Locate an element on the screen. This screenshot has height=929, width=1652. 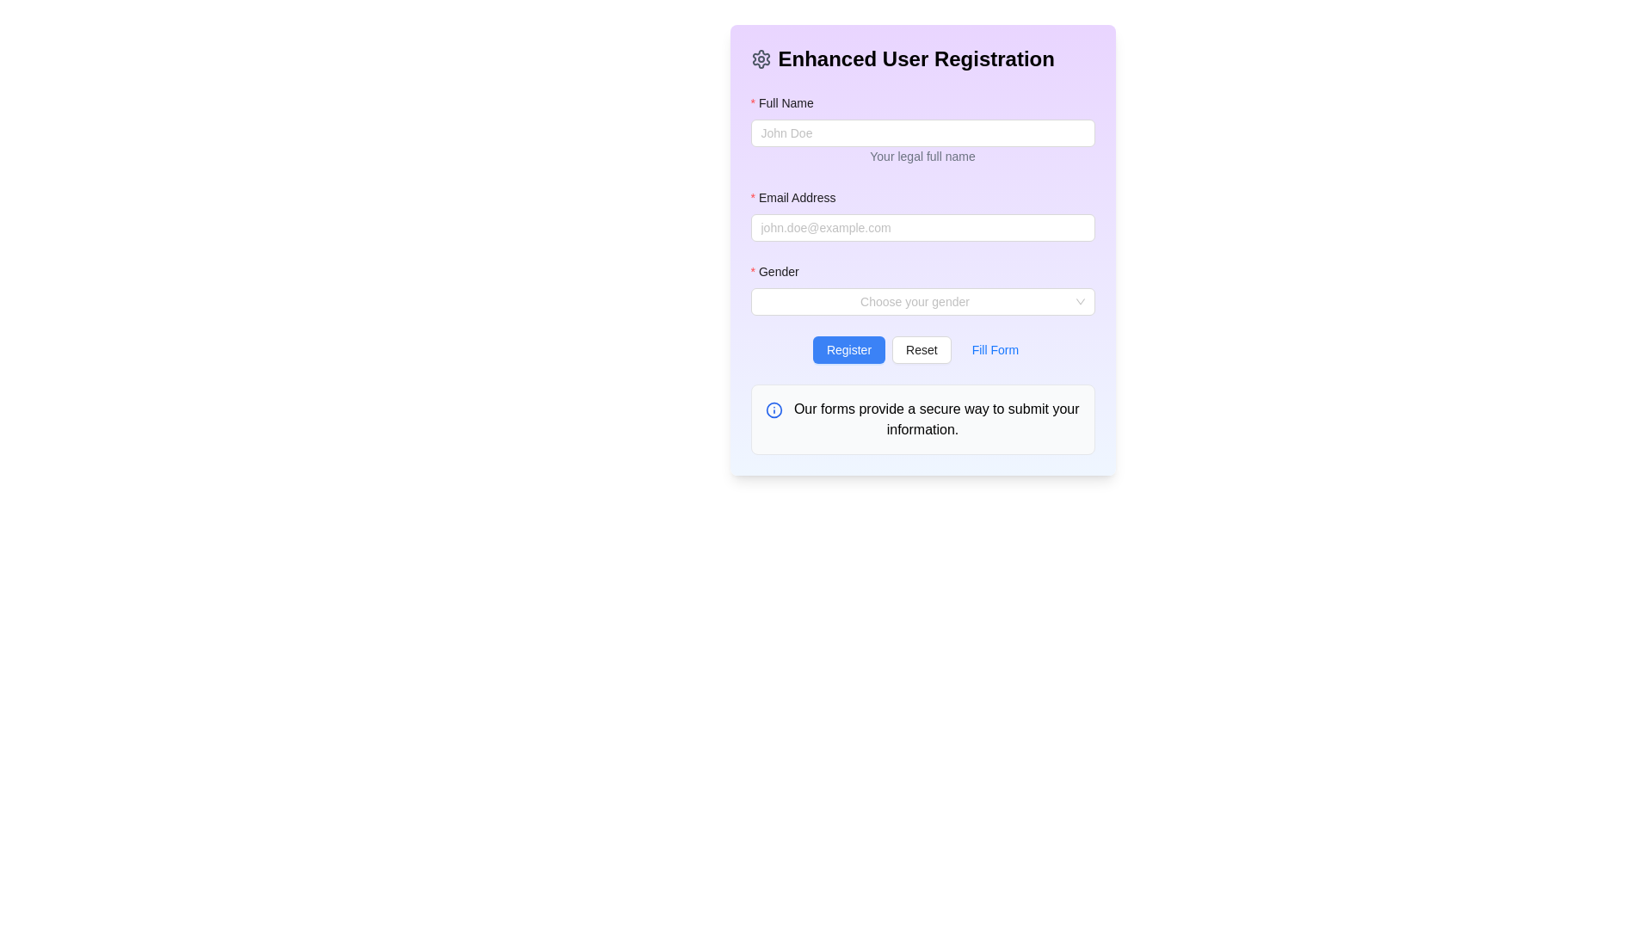
the reset button located between the 'Register' button and the 'Fill Form' button to reset the fields in the form to their default state is located at coordinates (921, 349).